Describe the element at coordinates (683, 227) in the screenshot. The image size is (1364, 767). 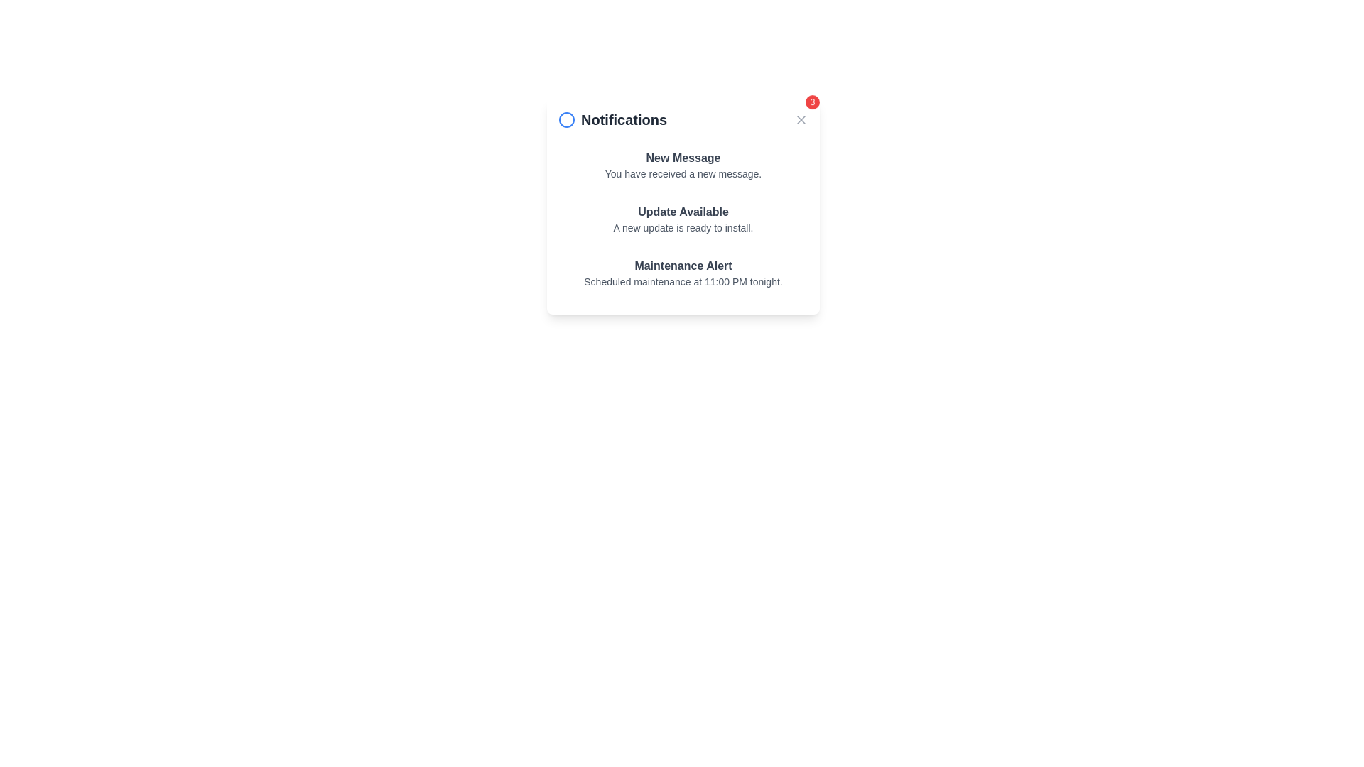
I see `the informational Text label that provides details about an available update, positioned below the bold text 'Update Available.'` at that location.